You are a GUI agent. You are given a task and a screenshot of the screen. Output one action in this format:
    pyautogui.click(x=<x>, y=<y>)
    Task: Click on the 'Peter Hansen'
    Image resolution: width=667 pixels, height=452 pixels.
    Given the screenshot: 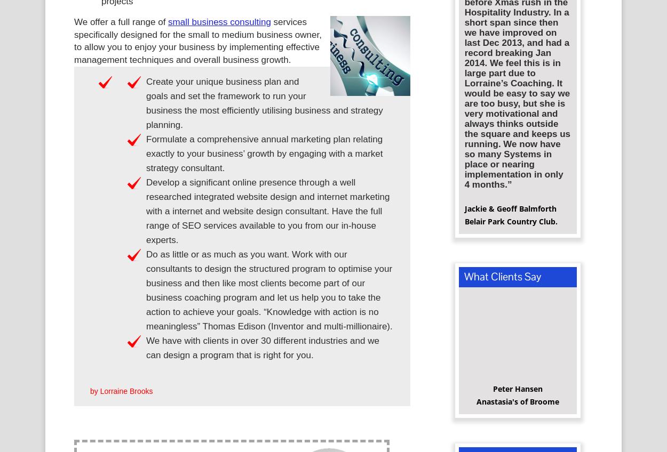 What is the action you would take?
    pyautogui.click(x=517, y=392)
    